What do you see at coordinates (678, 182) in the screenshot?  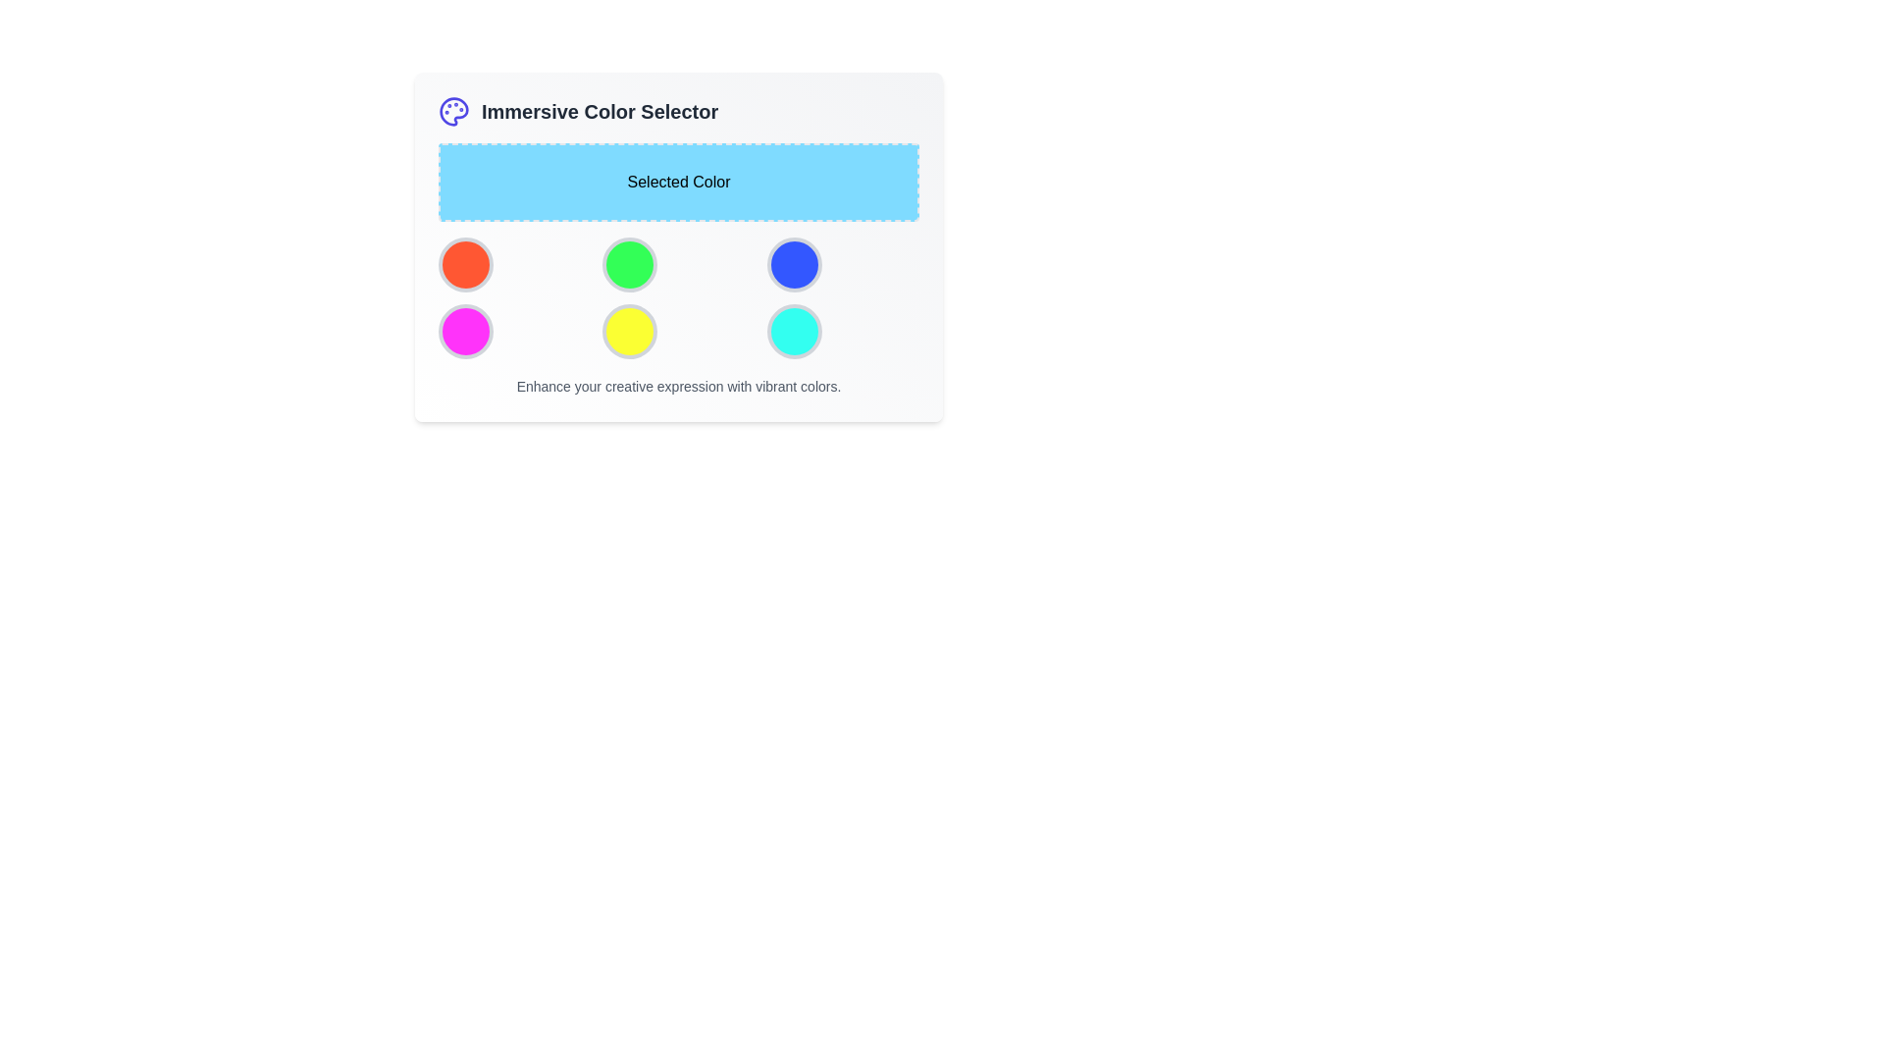 I see `the label area with a sky-blue background and dashed borders that contains the text 'Selected Color'` at bounding box center [678, 182].